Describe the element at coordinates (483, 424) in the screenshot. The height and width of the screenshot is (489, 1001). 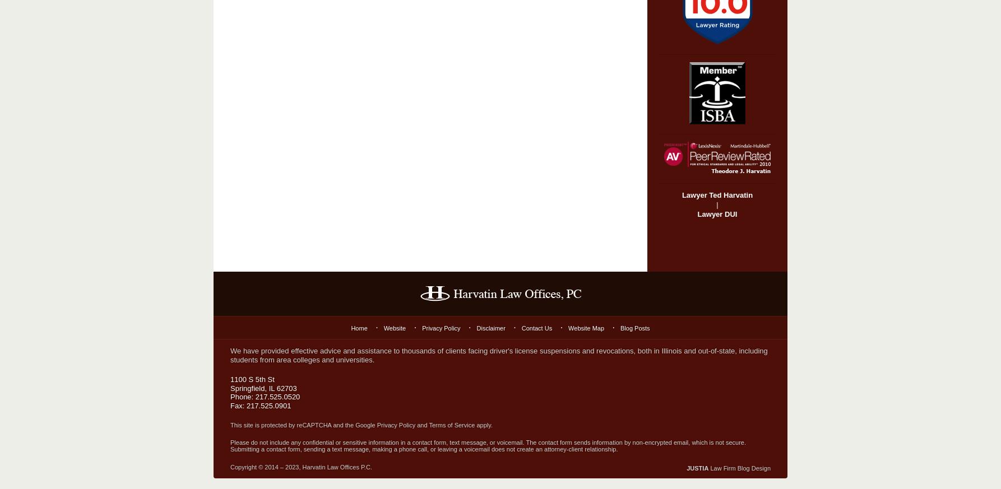
I see `'apply.'` at that location.